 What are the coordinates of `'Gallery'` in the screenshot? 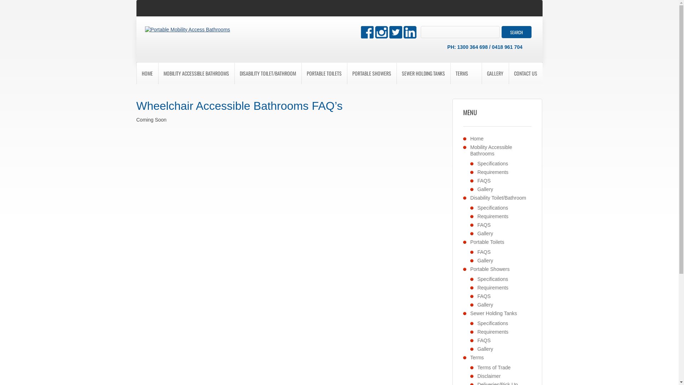 It's located at (485, 189).